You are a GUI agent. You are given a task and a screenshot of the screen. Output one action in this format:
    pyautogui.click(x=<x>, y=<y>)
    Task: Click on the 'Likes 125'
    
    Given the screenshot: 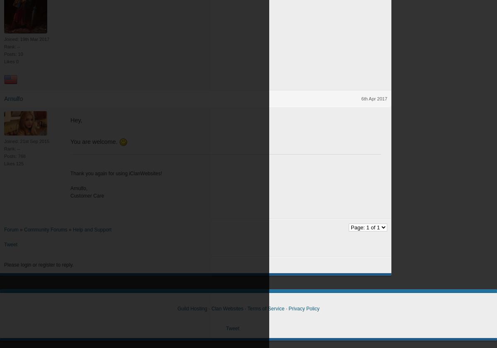 What is the action you would take?
    pyautogui.click(x=14, y=163)
    